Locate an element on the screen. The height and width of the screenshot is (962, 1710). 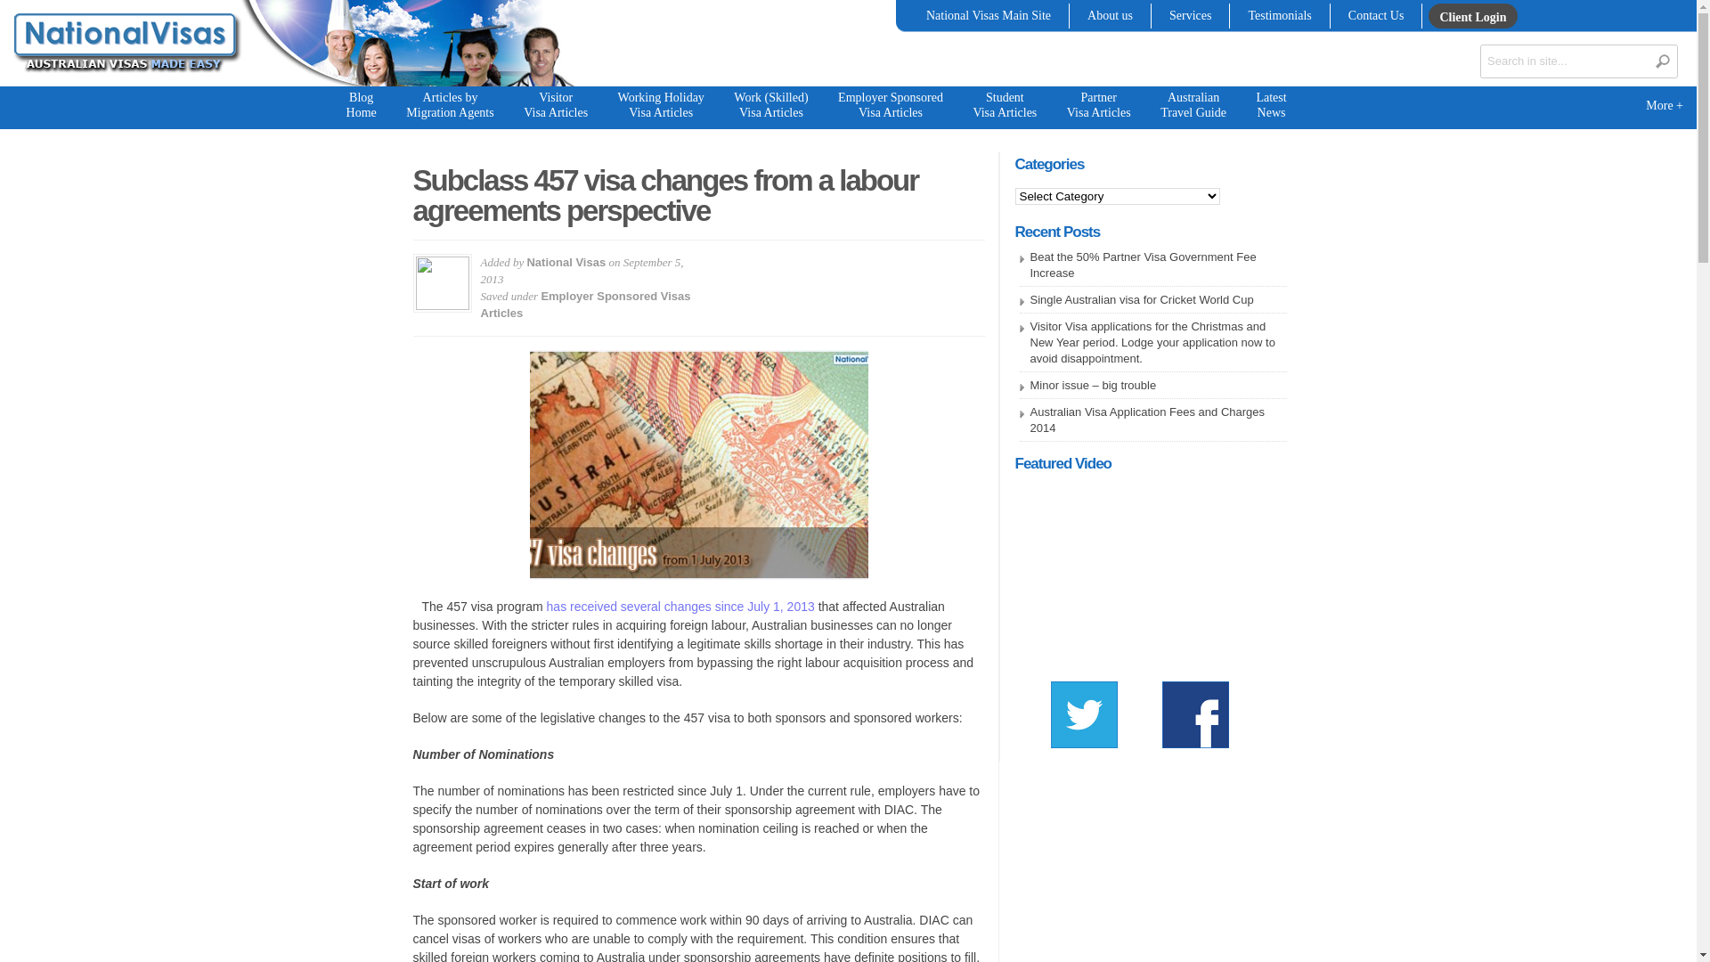
'Employer Sponsored is located at coordinates (890, 106).